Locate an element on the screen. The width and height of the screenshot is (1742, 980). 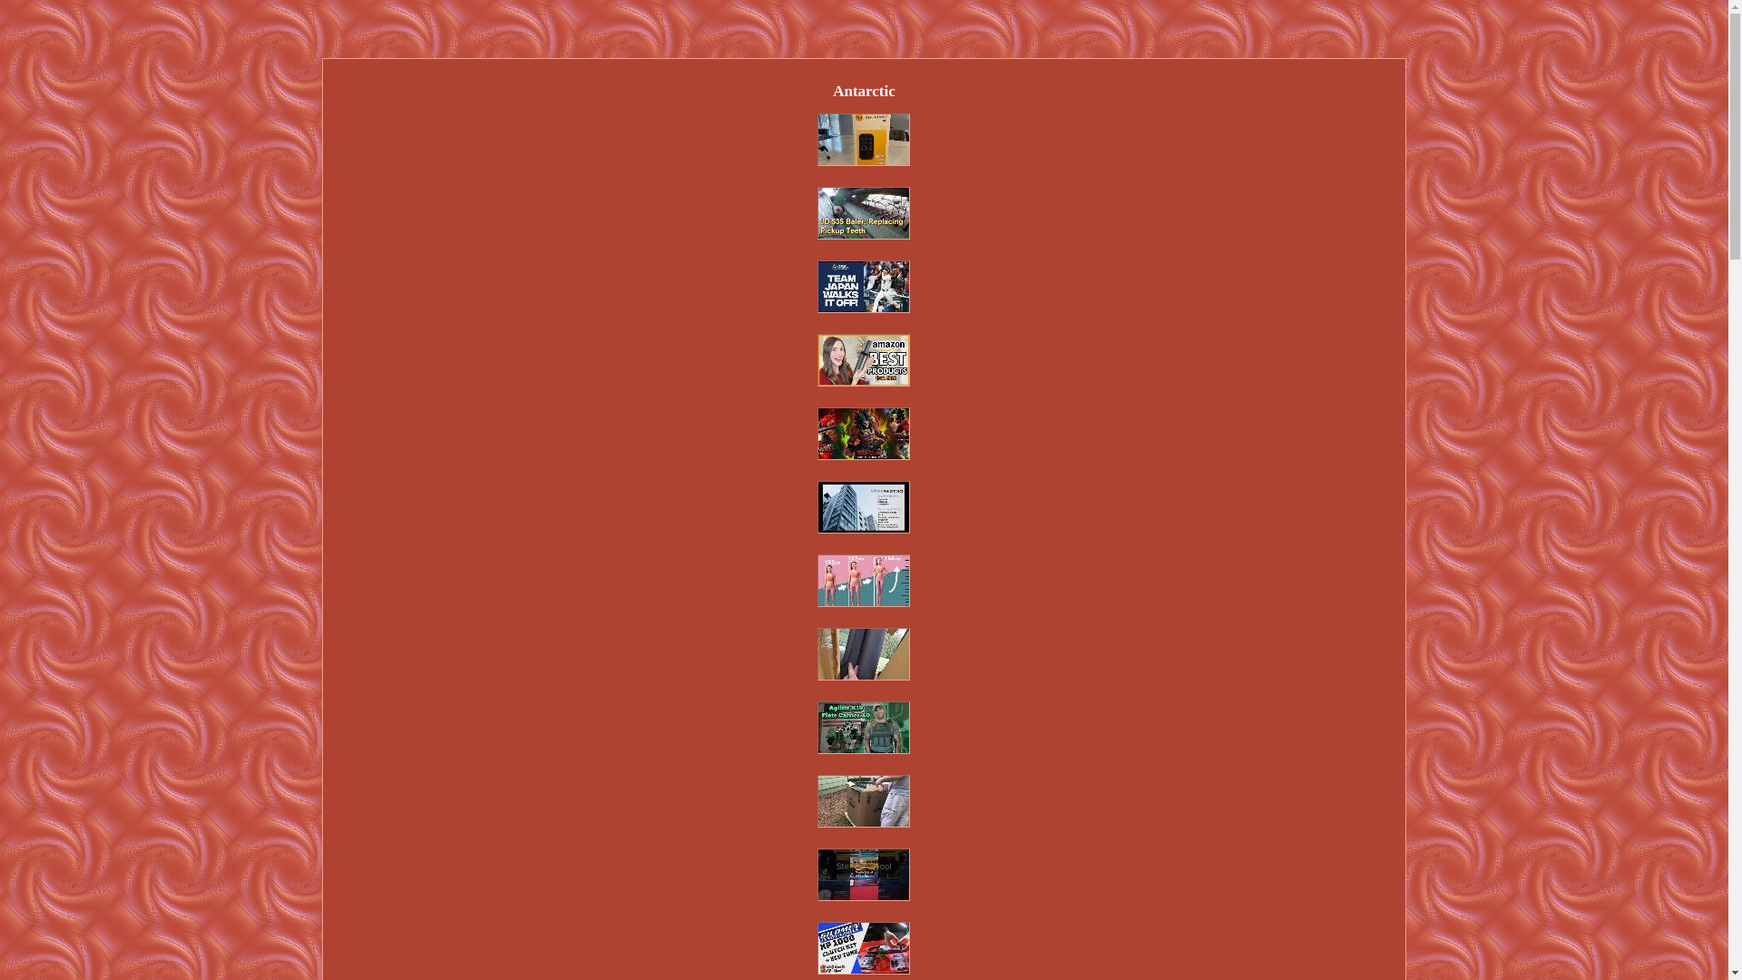
'Condor Military PALS/MOLLE Quick Release Plate Carrier QPC' is located at coordinates (862, 727).